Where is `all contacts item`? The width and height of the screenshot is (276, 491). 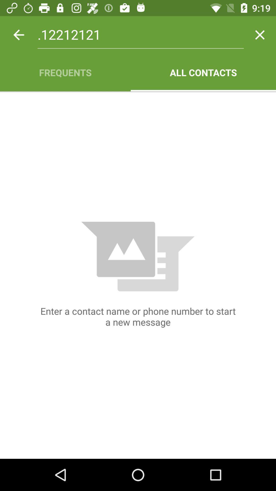 all contacts item is located at coordinates (203, 72).